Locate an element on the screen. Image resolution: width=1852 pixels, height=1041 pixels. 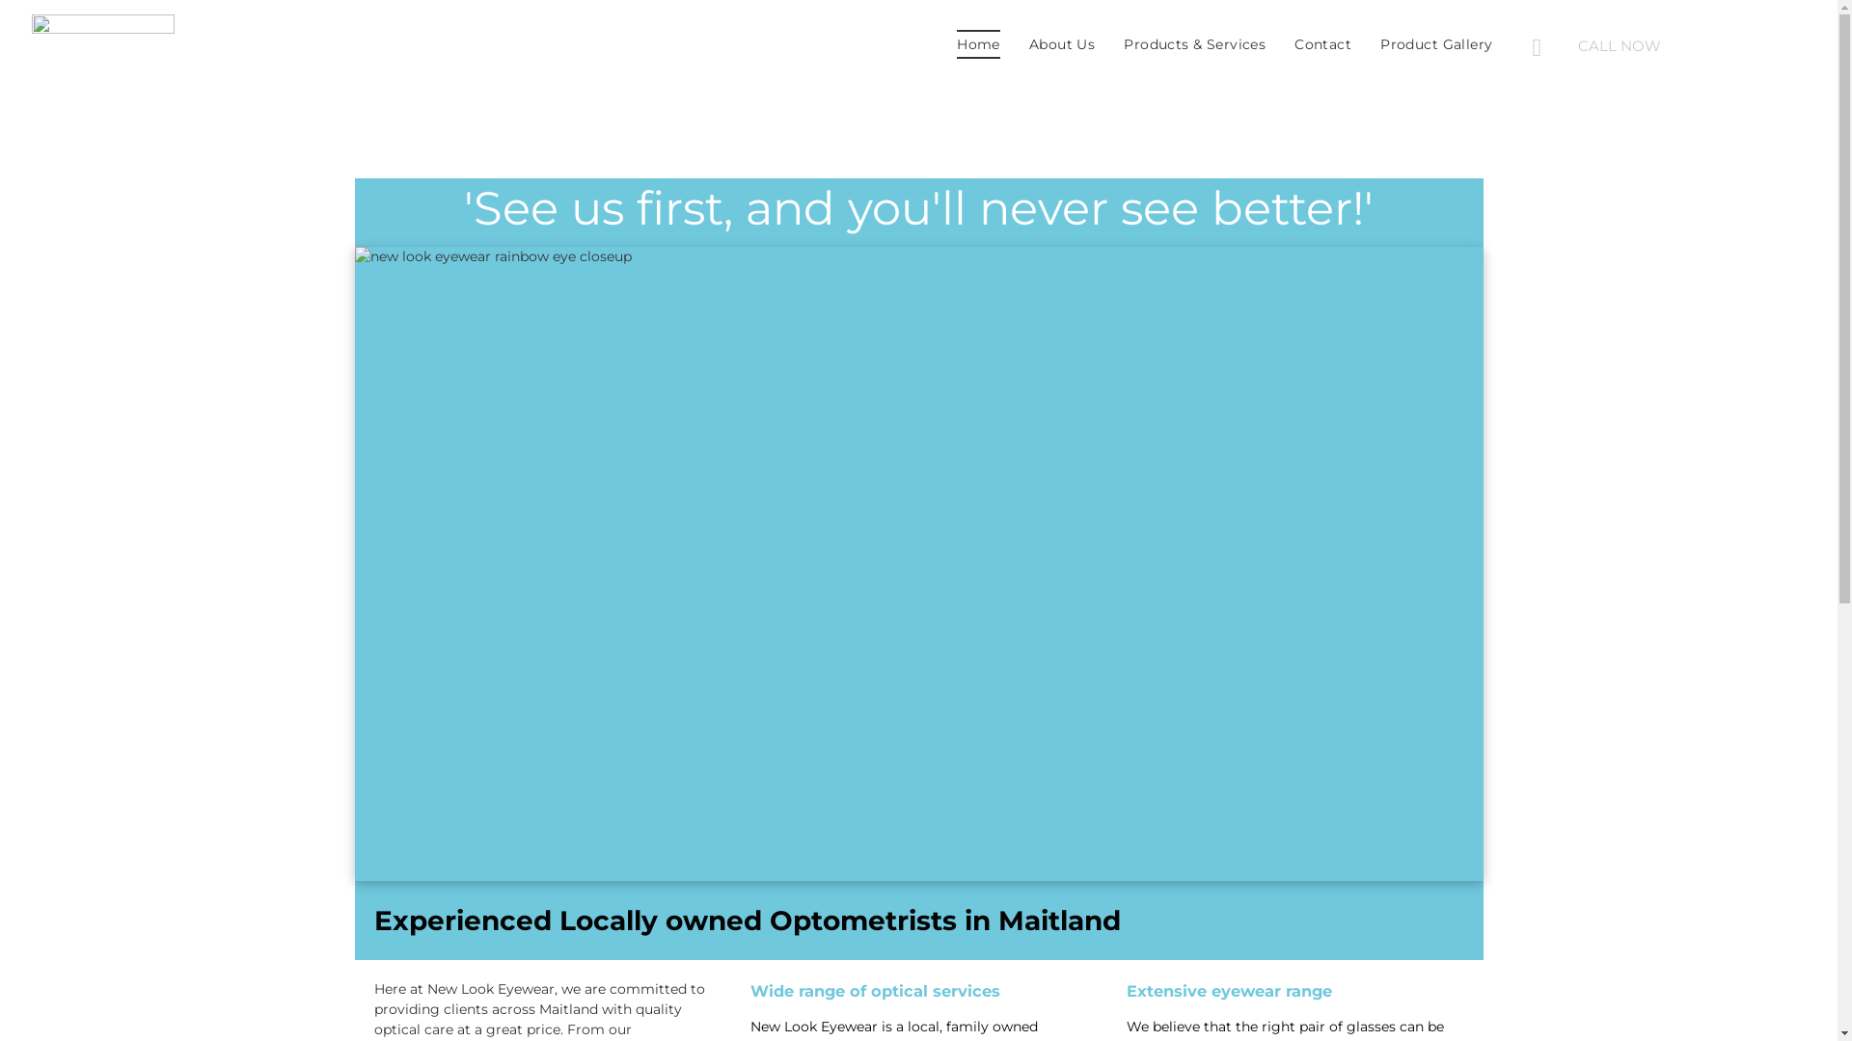
'About Us' is located at coordinates (1013, 43).